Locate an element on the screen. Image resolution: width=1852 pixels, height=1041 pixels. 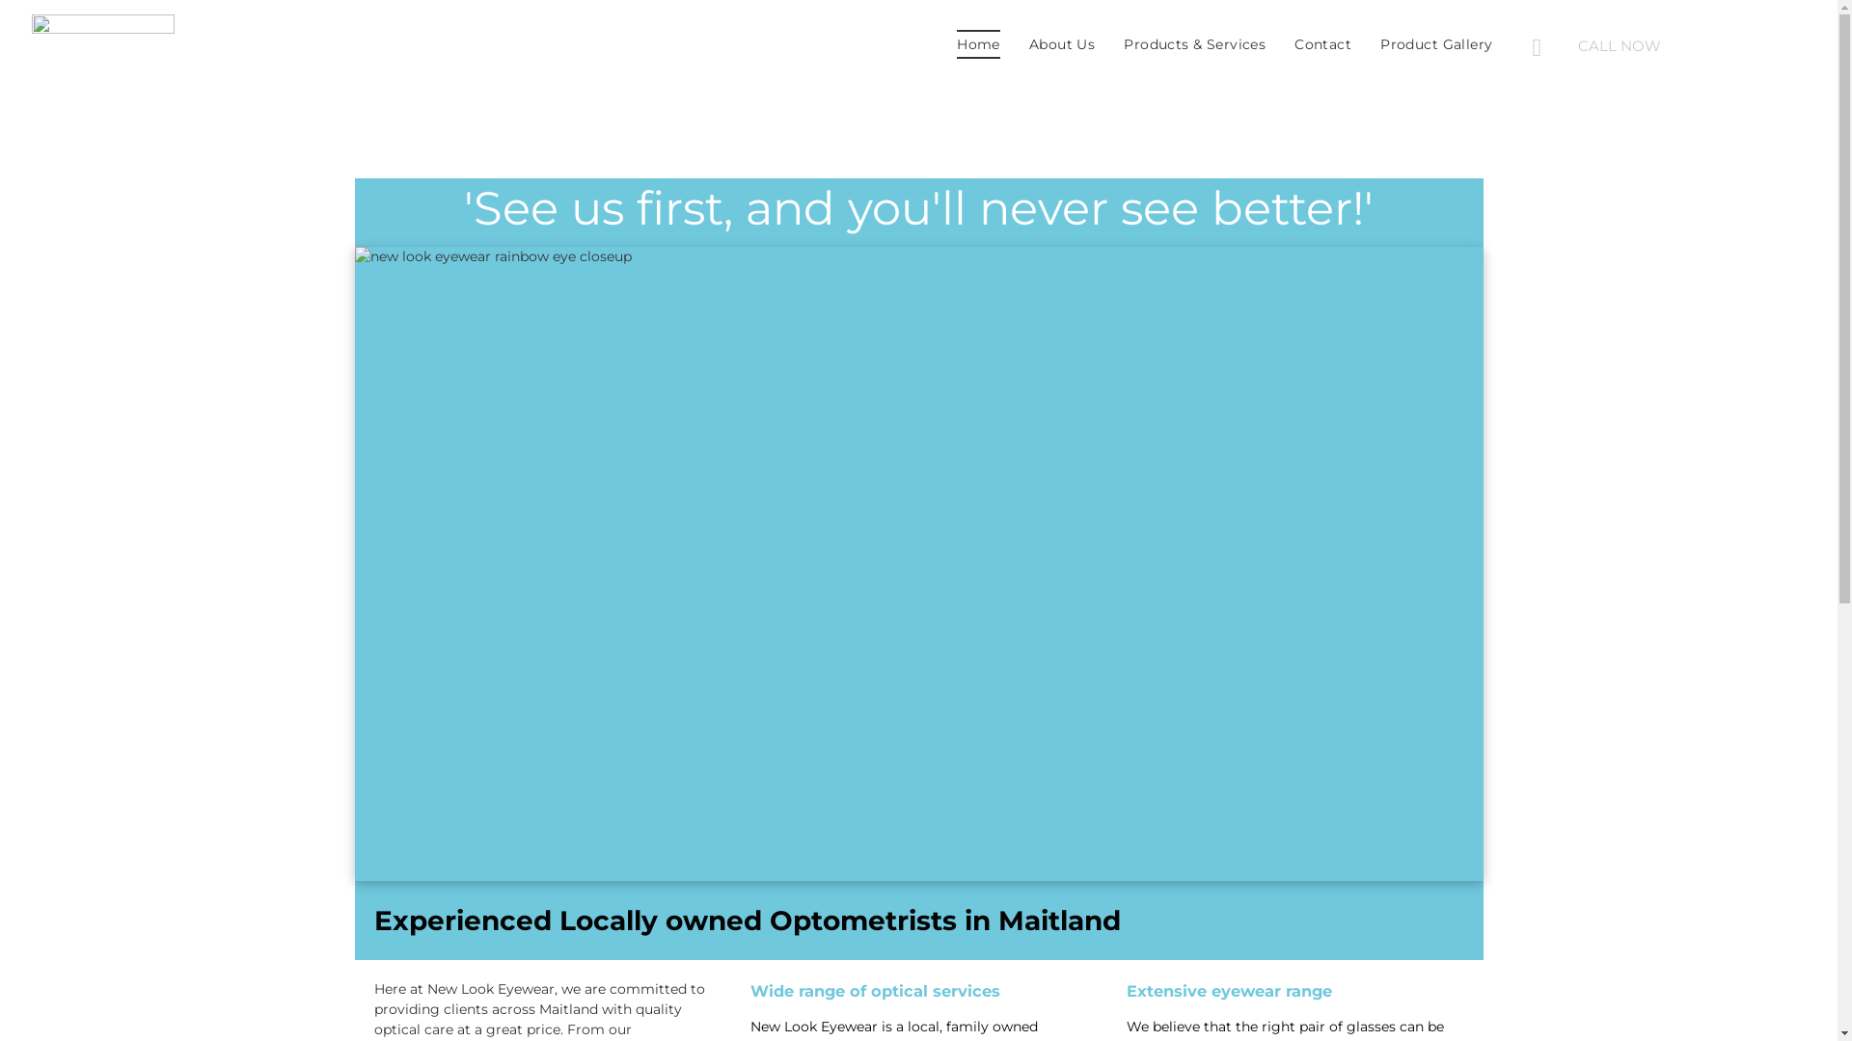
'About Us' is located at coordinates (1013, 43).